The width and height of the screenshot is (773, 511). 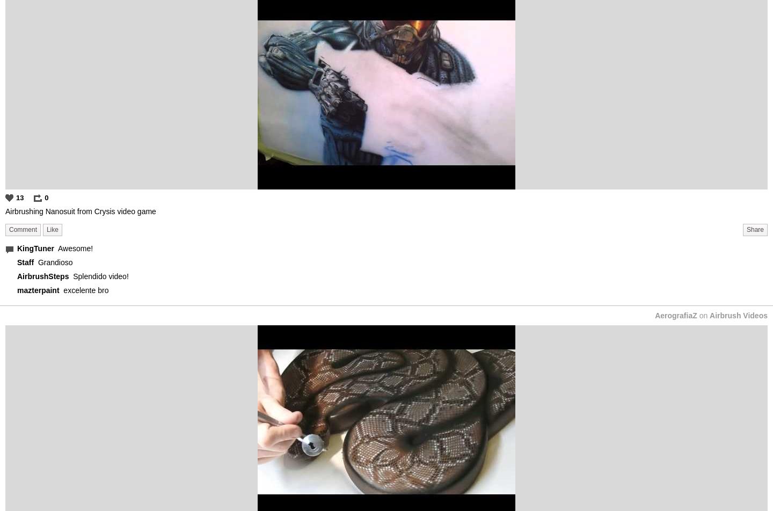 I want to click on 'AerografiaZ', so click(x=675, y=315).